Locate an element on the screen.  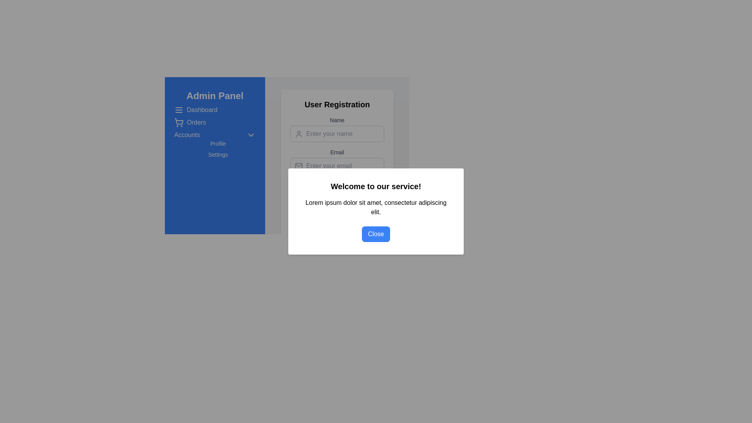
the 'Email' input field in the 'User Registration' form to focus it is located at coordinates (337, 161).